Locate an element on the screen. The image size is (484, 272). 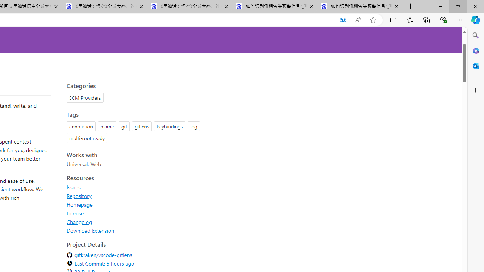
'Translated' is located at coordinates (342, 20).